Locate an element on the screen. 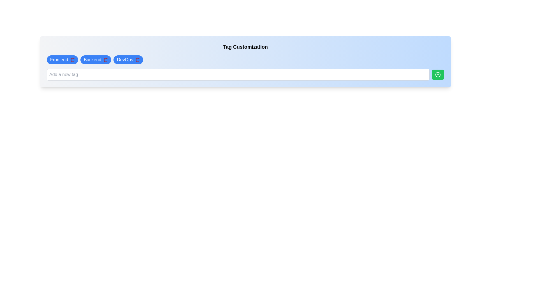 This screenshot has height=302, width=538. the vertical line element representing the side of a waste bin icon, located next to the 'Frontend' tag is located at coordinates (72, 60).